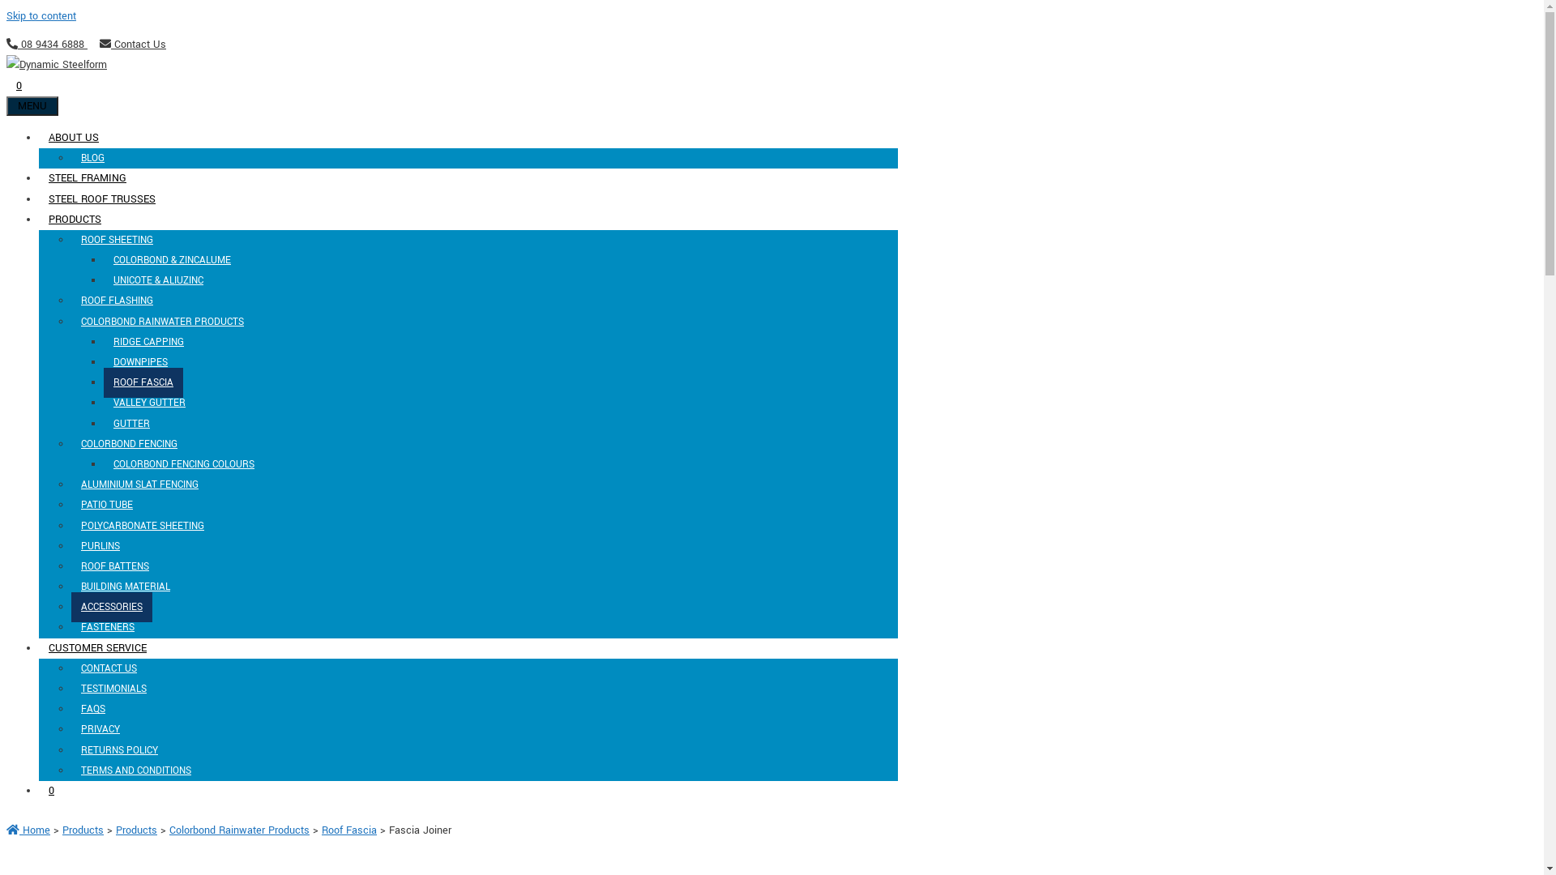 The image size is (1556, 875). Describe the element at coordinates (172, 259) in the screenshot. I see `'COLORBOND & ZINCALUME'` at that location.